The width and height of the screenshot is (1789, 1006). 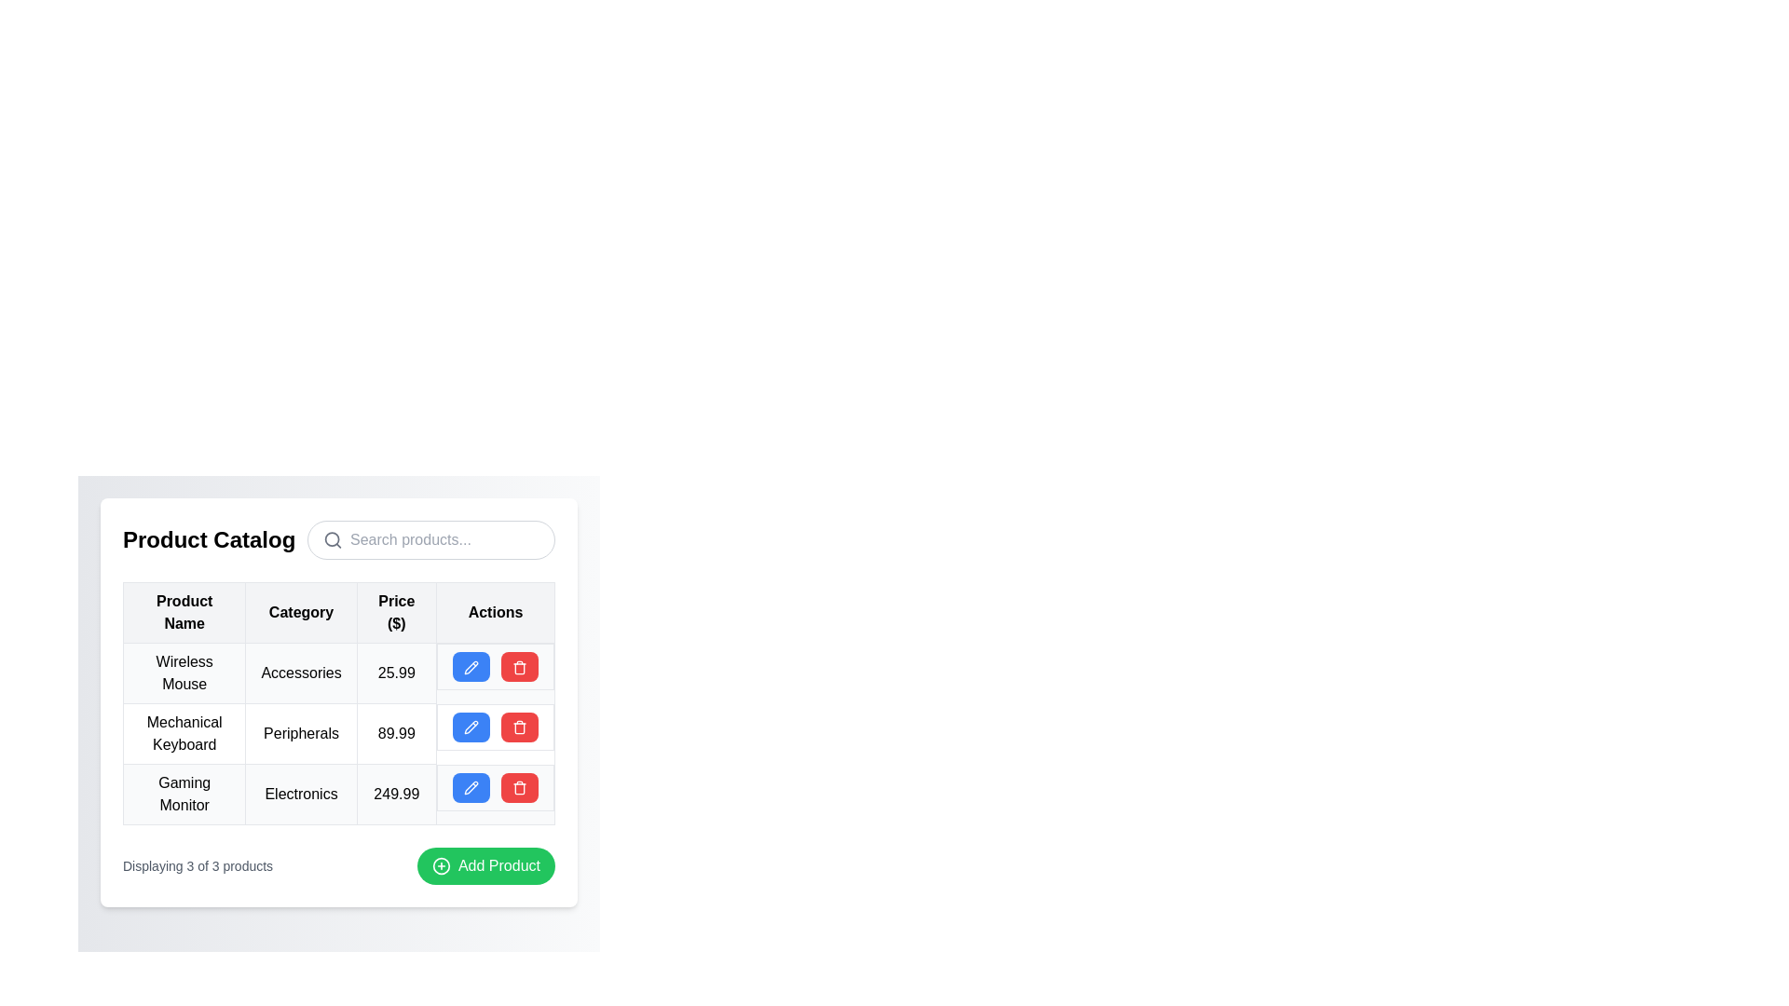 What do you see at coordinates (301, 613) in the screenshot?
I see `the table header cell labeled 'Category', which is the second header in the table header row, positioned between 'Product Name' and 'Price ($)'` at bounding box center [301, 613].